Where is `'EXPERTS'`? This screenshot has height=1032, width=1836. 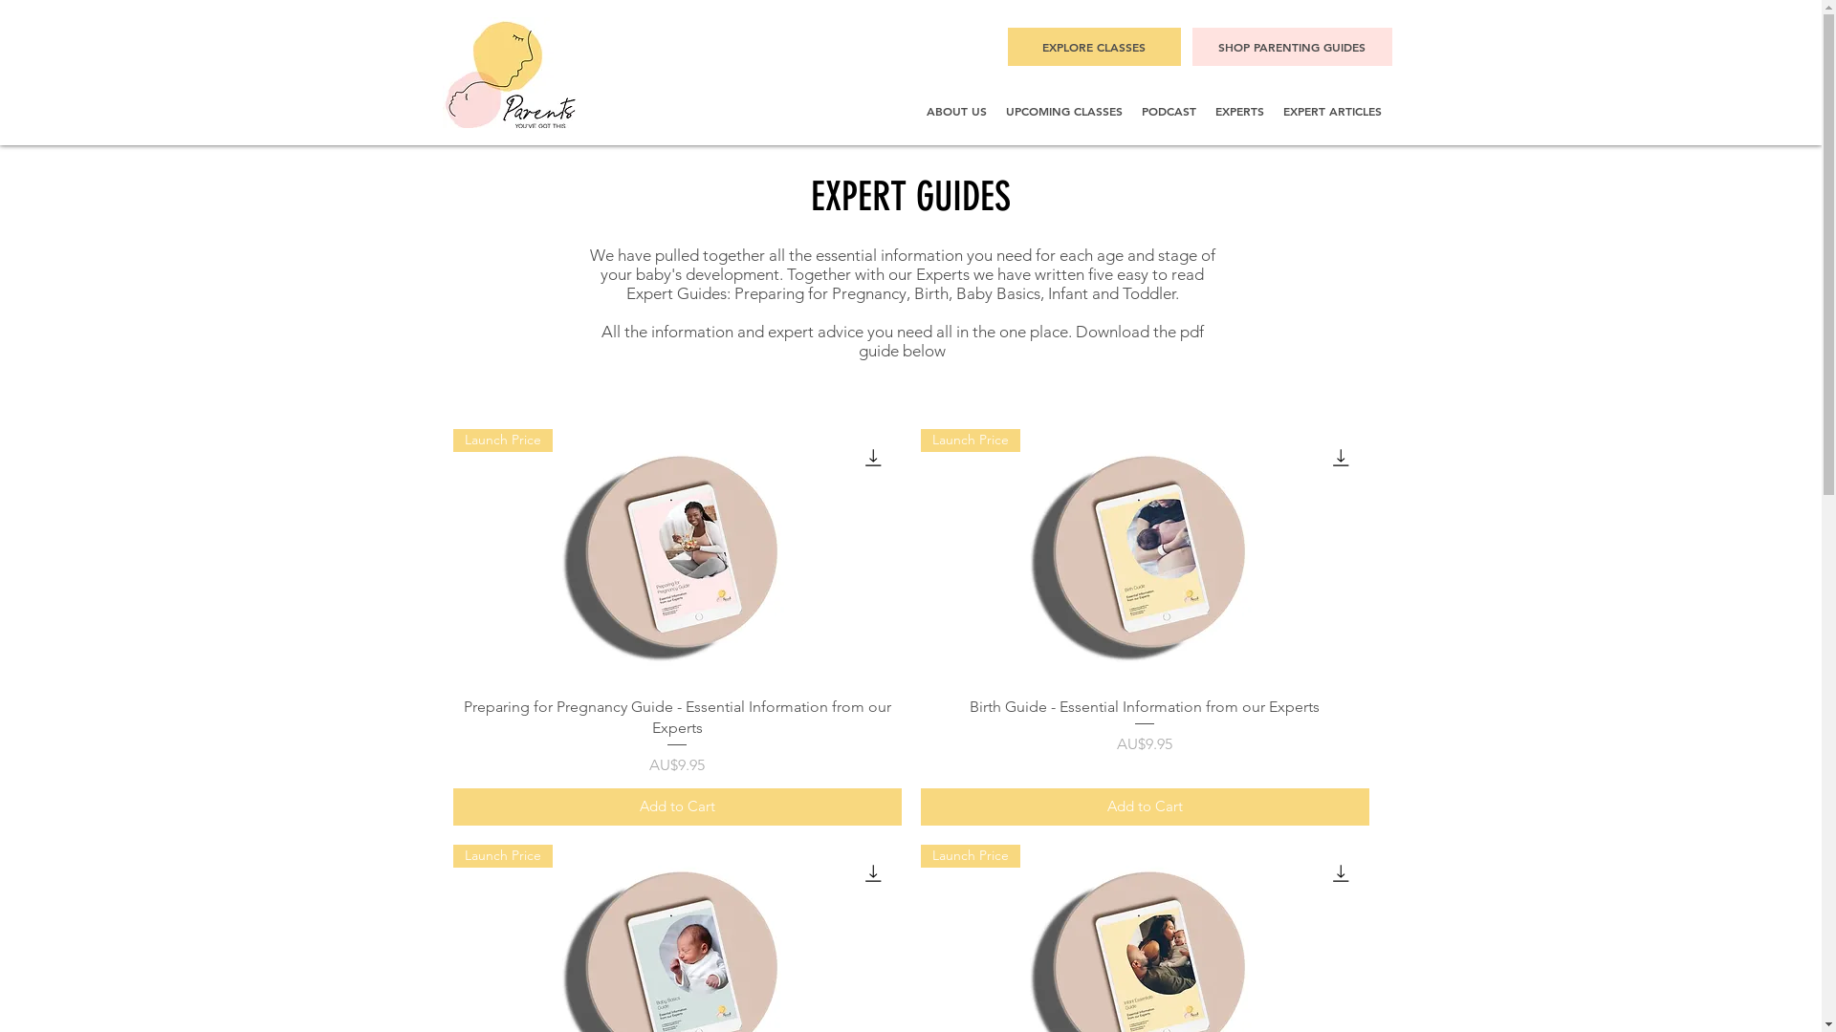 'EXPERTS' is located at coordinates (1238, 110).